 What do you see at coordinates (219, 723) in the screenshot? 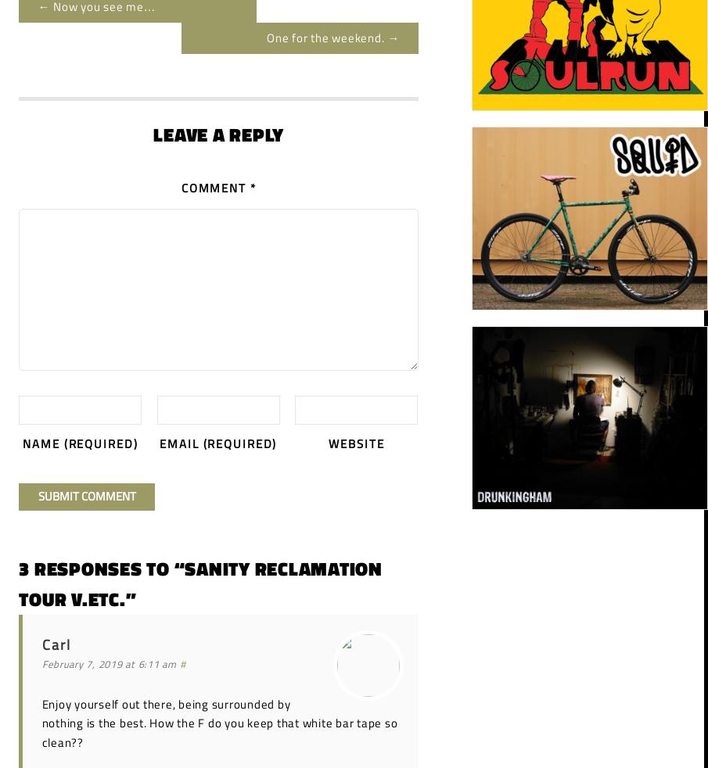
I see `'Enjoy yourself out there, being surrounded by nothing is the best.  How the F do you keep that white bar tape so clean??'` at bounding box center [219, 723].